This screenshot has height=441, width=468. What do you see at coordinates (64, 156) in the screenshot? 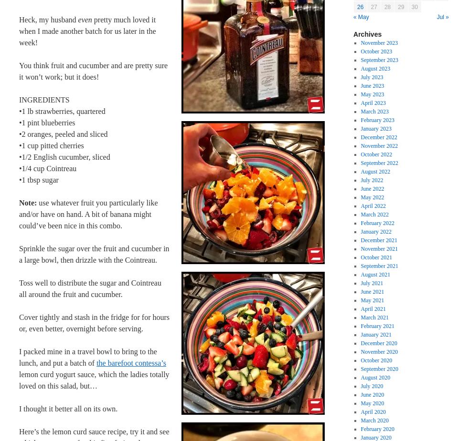
I see `'•1/2 English cucumber, sliced'` at bounding box center [64, 156].